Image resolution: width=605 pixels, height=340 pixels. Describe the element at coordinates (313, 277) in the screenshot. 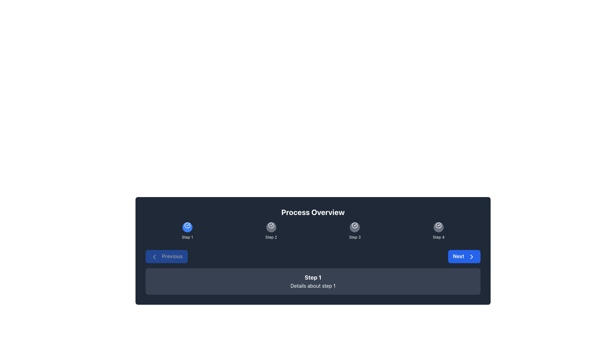

I see `the text label that reads 'Step 1', which is bold and large, positioned at the top of a dark box with rounded corners` at that location.